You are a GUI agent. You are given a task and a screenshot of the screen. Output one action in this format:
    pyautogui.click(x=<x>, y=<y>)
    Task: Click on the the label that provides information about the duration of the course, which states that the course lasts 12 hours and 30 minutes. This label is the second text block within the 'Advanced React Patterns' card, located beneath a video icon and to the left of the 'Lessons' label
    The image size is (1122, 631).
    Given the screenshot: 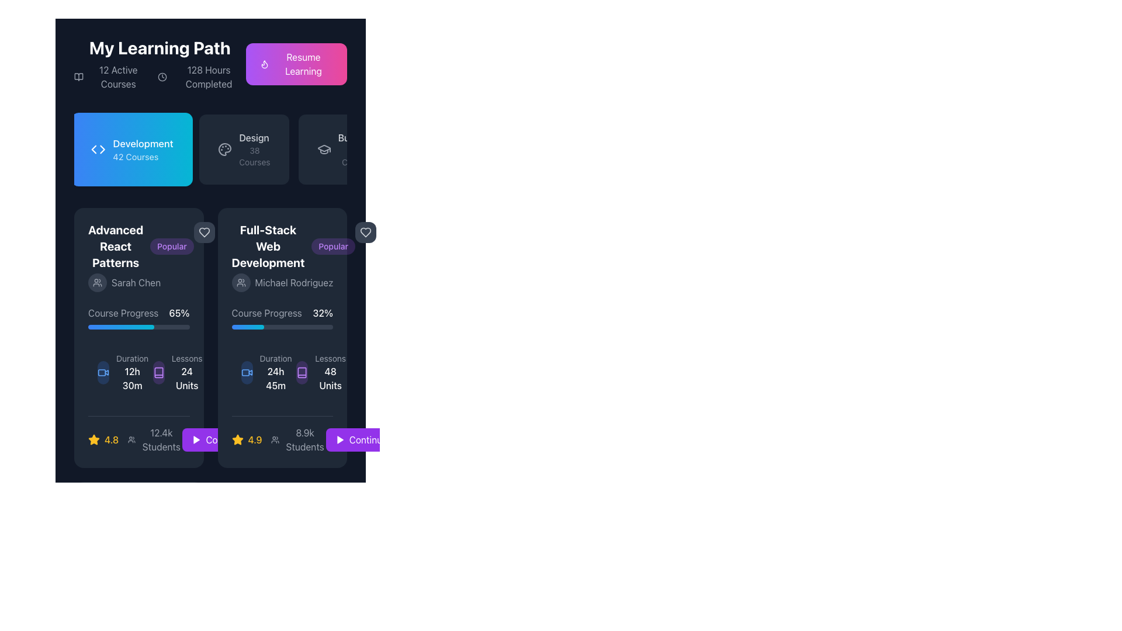 What is the action you would take?
    pyautogui.click(x=132, y=372)
    